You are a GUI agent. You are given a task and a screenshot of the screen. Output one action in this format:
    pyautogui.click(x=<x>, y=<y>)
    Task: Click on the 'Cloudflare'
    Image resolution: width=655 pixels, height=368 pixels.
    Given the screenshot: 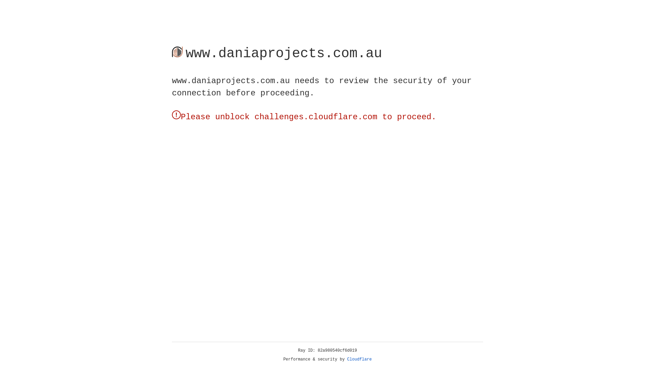 What is the action you would take?
    pyautogui.click(x=359, y=359)
    